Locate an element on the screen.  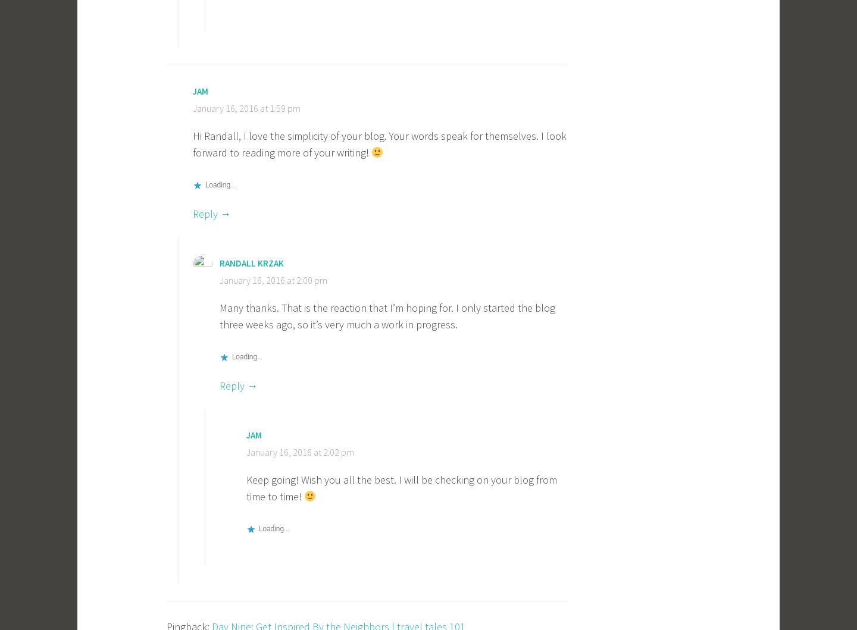
'January 16, 2016 at 2:00 pm' is located at coordinates (273, 279).